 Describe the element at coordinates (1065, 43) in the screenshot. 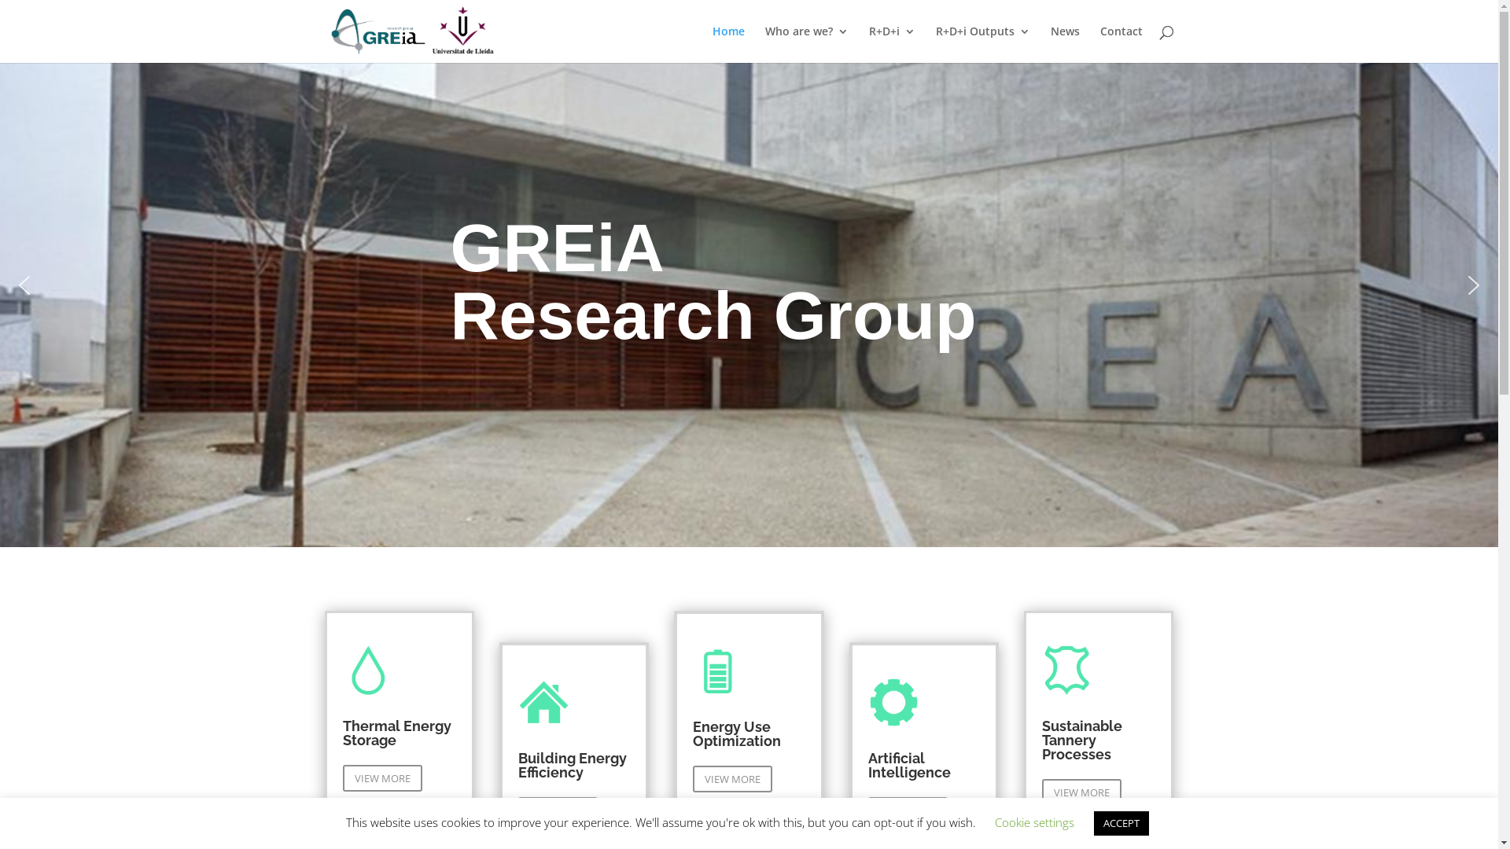

I see `'News'` at that location.